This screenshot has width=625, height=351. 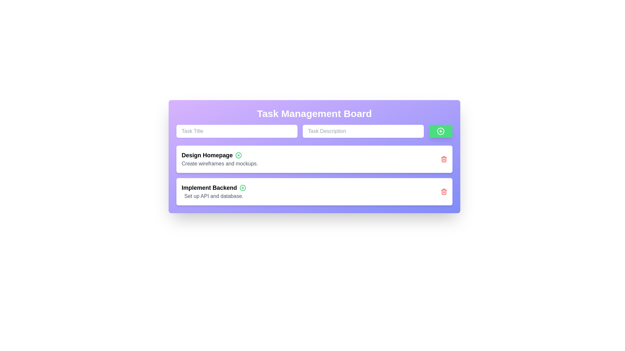 I want to click on the first task card titled 'Design Homepage' which contains the description 'Create wireframes and mockups.' in a task management board, so click(x=220, y=159).